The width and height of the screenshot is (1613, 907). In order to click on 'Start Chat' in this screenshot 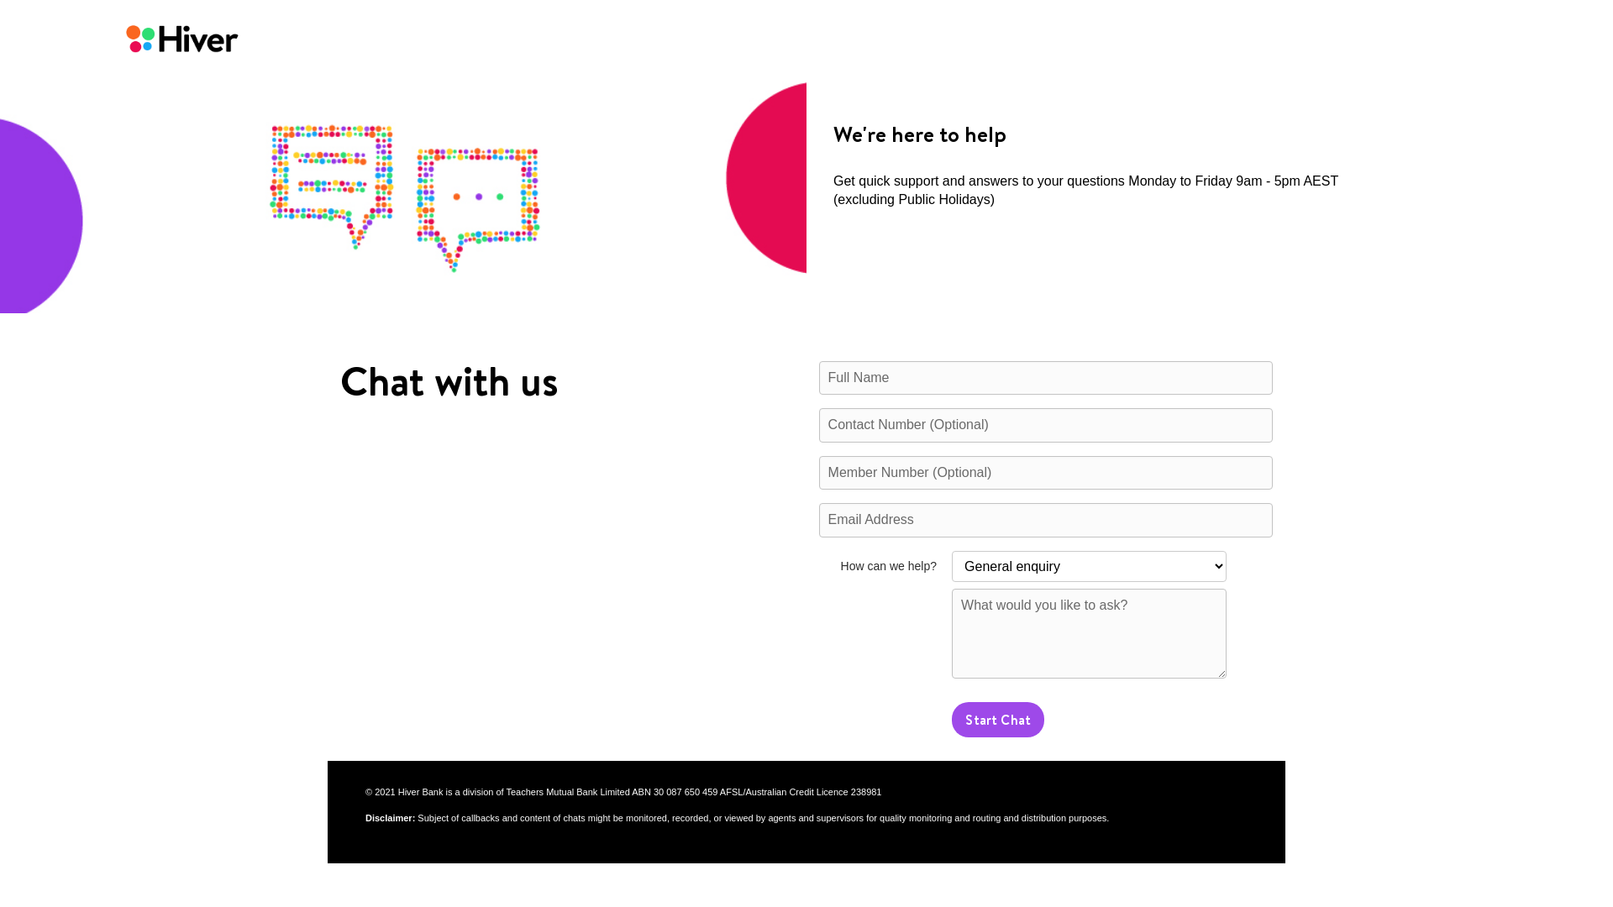, I will do `click(951, 718)`.